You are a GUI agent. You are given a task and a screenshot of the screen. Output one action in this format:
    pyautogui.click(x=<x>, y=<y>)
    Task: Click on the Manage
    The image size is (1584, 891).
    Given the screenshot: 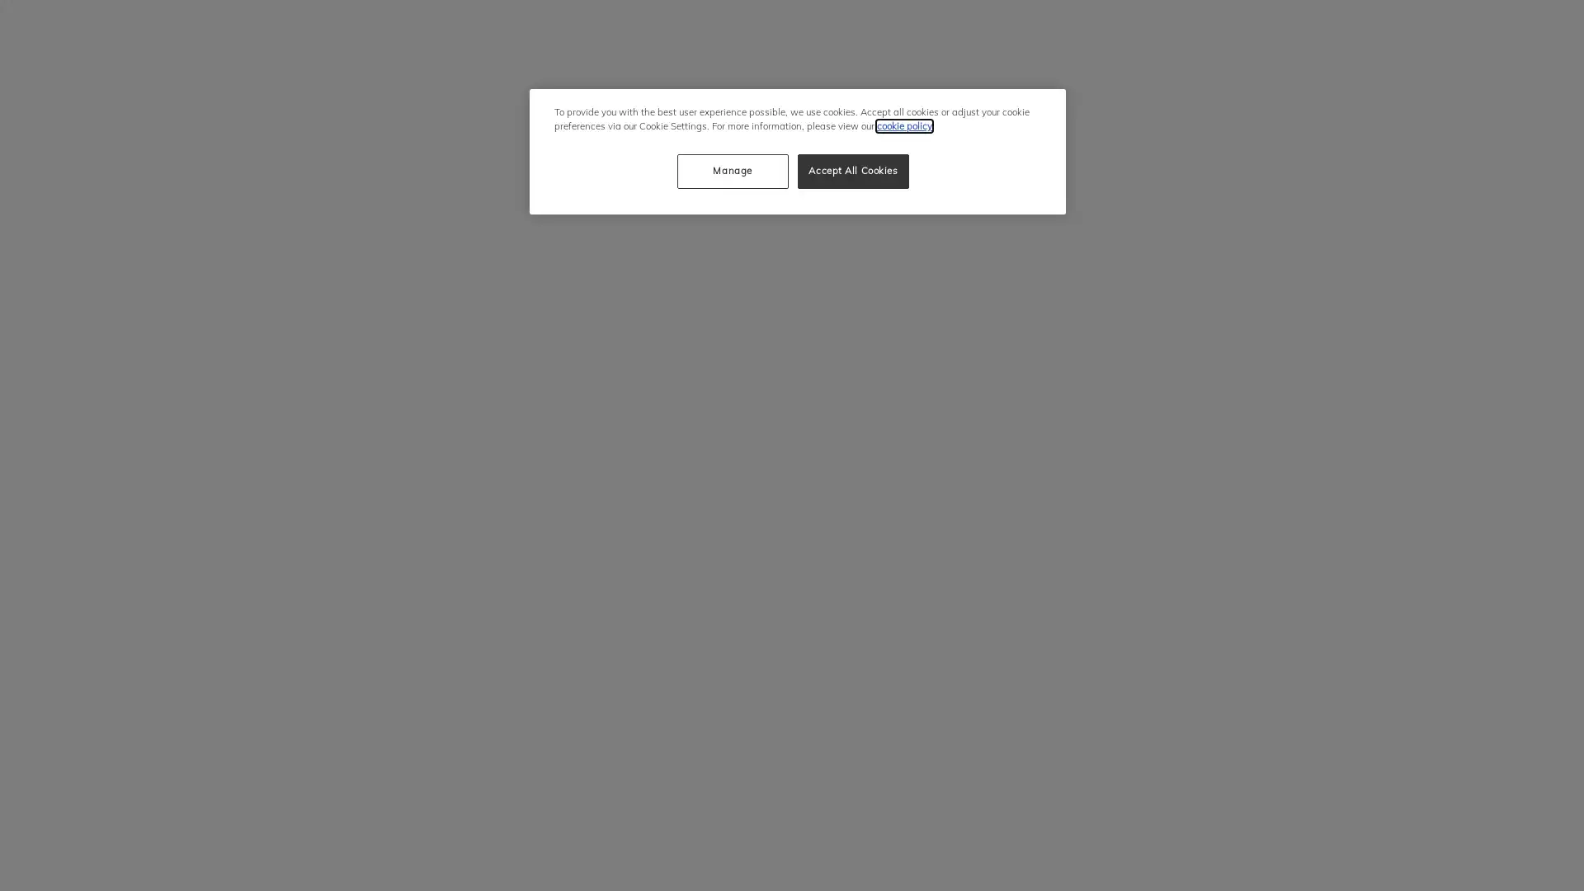 What is the action you would take?
    pyautogui.click(x=731, y=172)
    